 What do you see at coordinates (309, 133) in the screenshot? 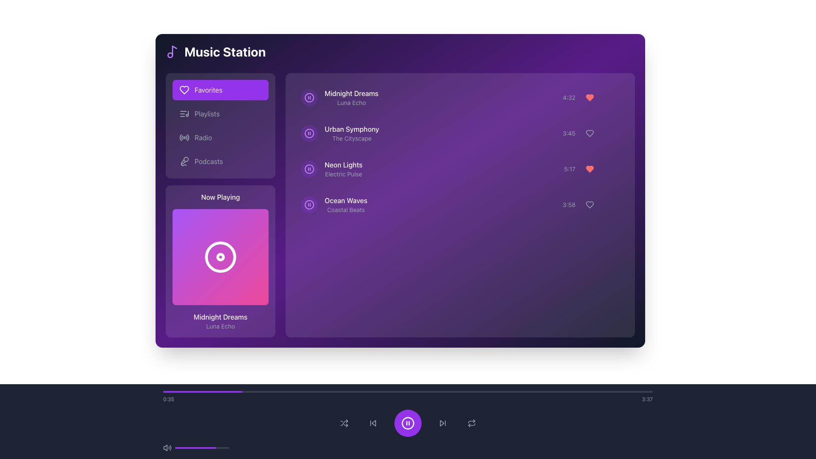
I see `the SVG Circle Shape representing the control or status indicator for the 'Urban Symphony' media item located on the right side of the interface` at bounding box center [309, 133].